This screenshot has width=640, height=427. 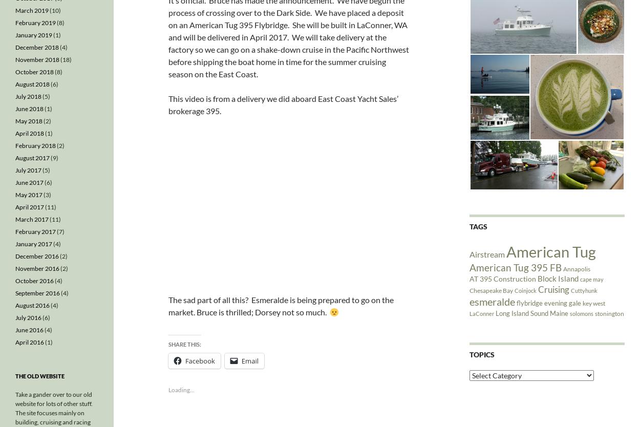 I want to click on 'Cuttyhunk', so click(x=584, y=290).